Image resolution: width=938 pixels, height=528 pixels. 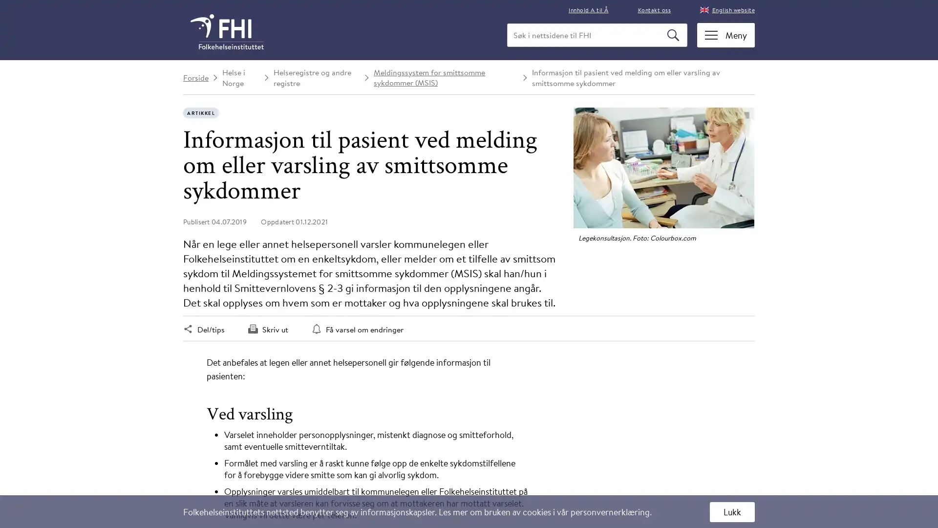 I want to click on Meny, so click(x=726, y=34).